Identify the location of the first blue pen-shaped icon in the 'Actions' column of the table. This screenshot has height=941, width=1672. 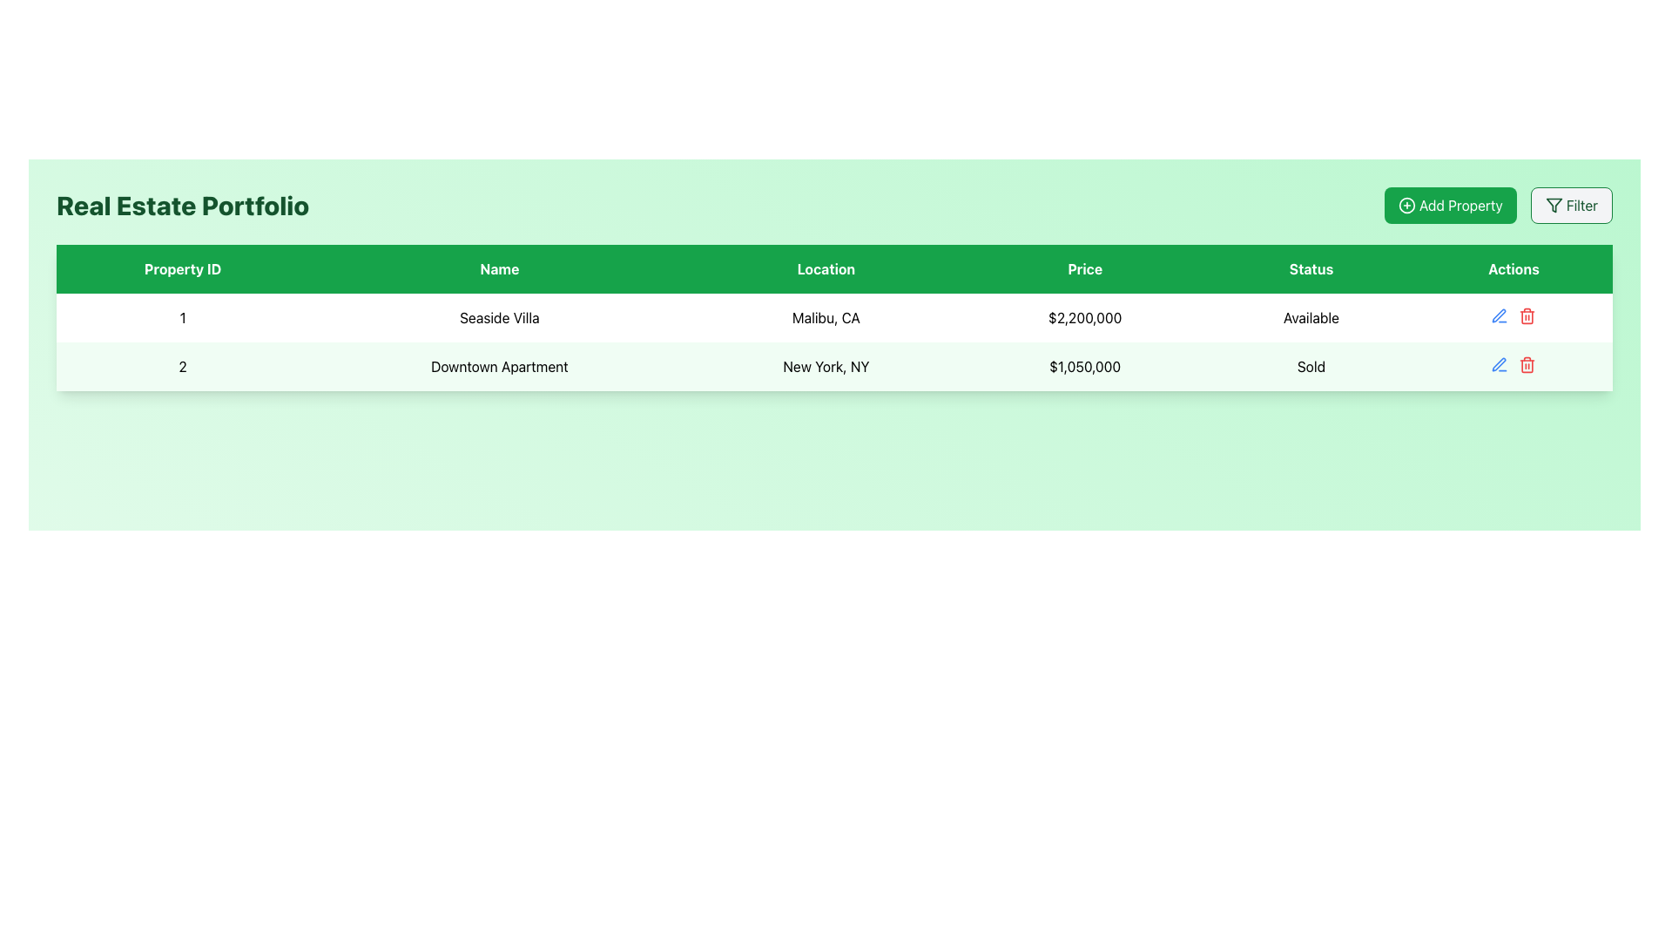
(1499, 364).